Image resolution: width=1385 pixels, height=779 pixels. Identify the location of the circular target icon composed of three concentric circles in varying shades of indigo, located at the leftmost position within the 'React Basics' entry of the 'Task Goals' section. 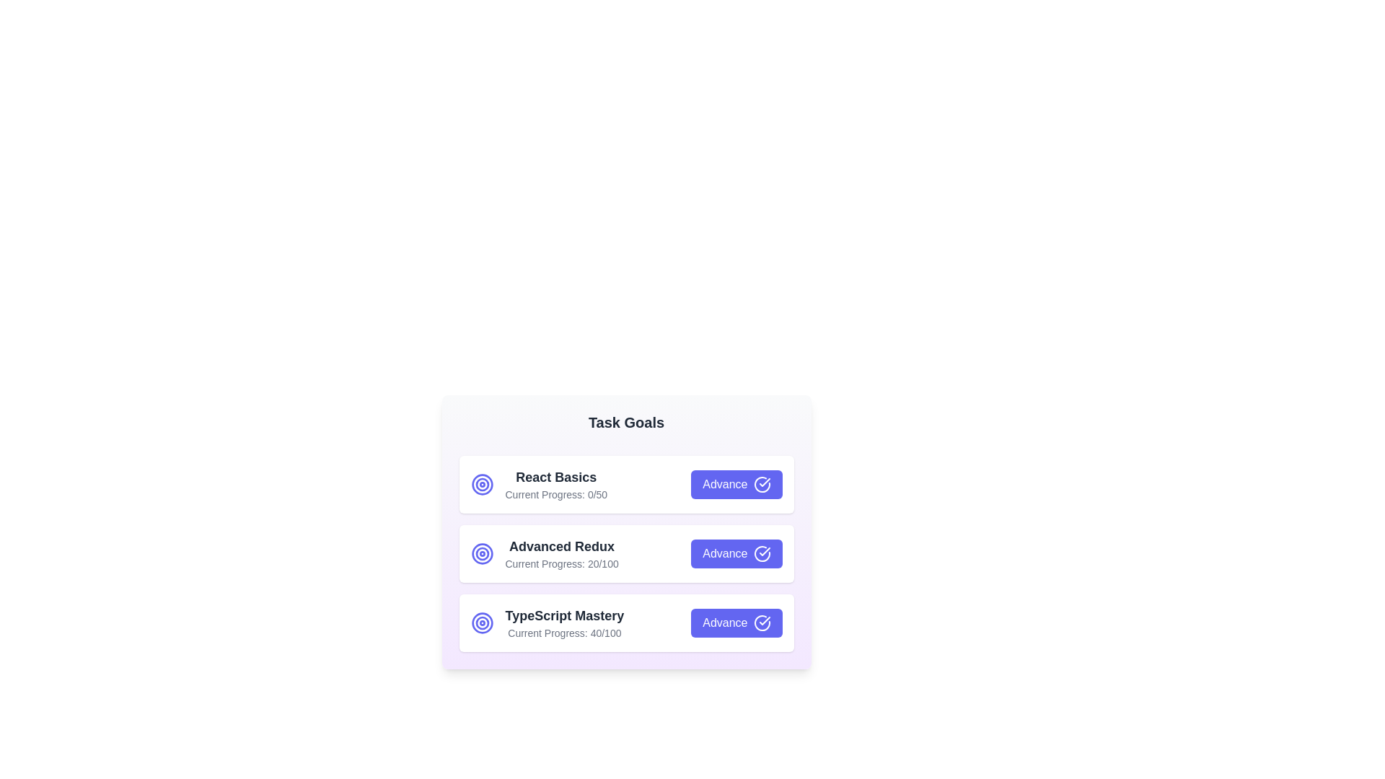
(482, 484).